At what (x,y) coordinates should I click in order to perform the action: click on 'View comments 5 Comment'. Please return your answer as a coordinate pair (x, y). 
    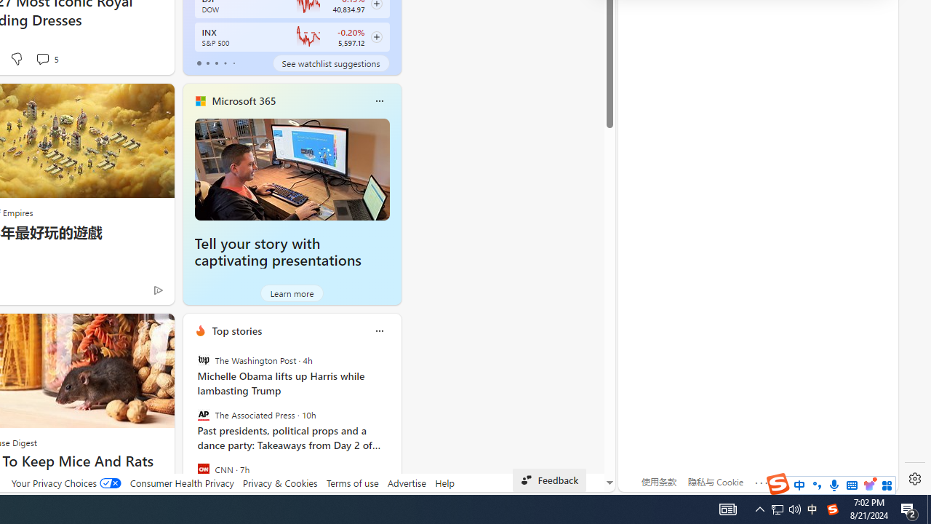
    Looking at the image, I should click on (47, 58).